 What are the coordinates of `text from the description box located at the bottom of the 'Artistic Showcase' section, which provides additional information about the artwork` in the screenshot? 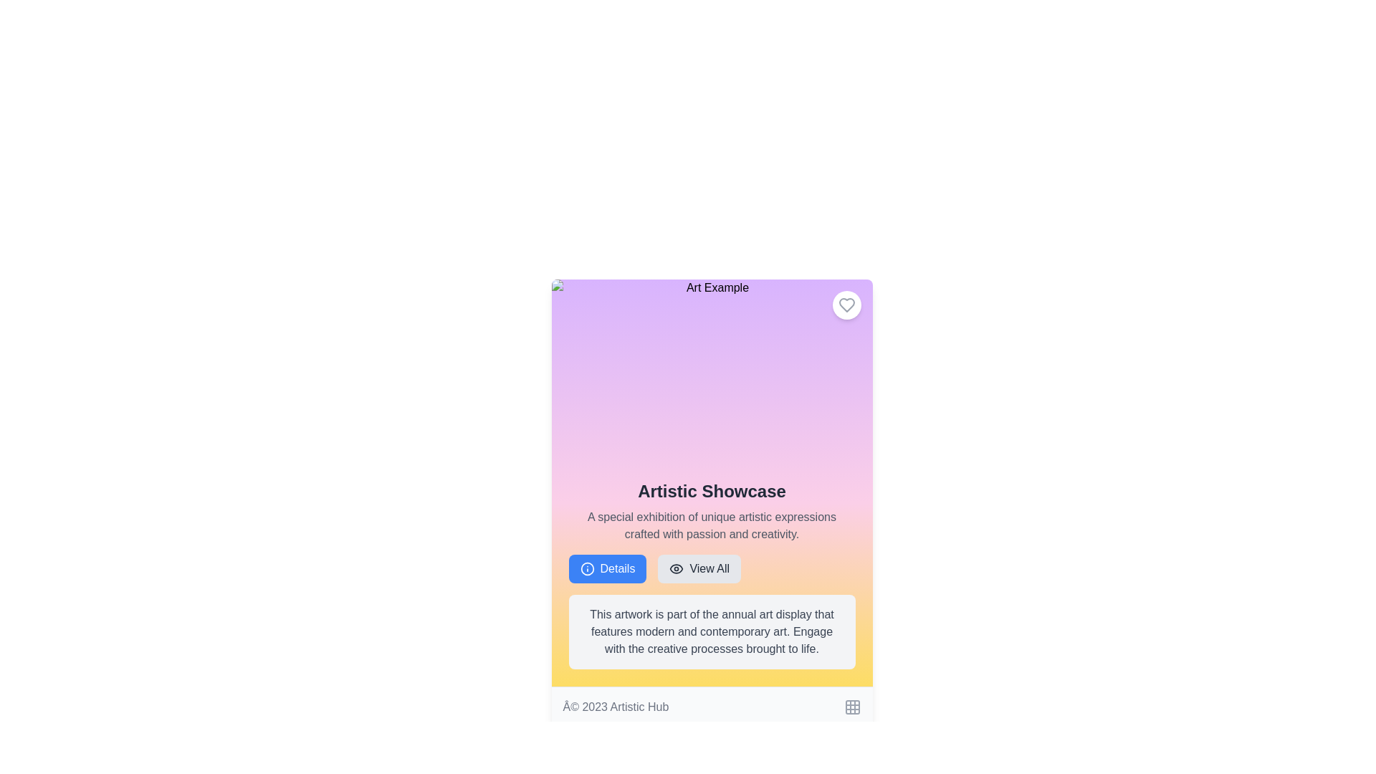 It's located at (712, 631).